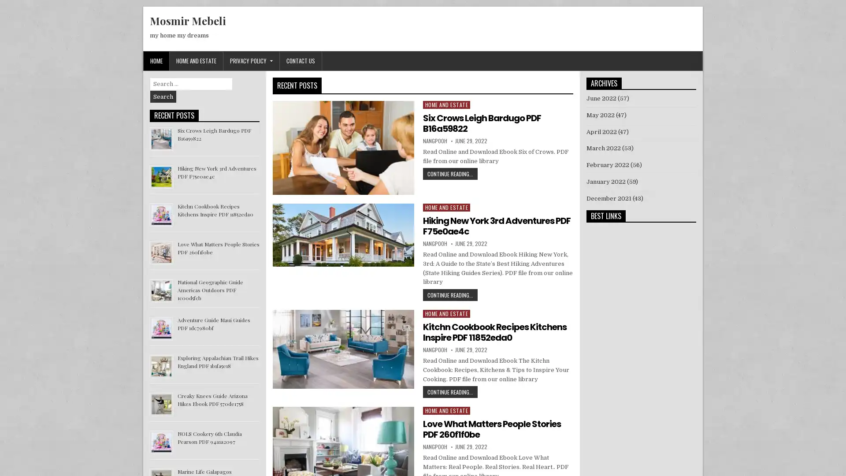  Describe the element at coordinates (163, 97) in the screenshot. I see `Search` at that location.